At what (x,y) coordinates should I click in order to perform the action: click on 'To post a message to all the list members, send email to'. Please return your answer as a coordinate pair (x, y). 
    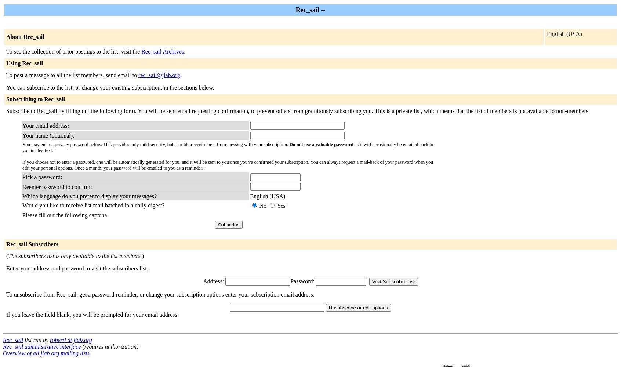
    Looking at the image, I should click on (72, 75).